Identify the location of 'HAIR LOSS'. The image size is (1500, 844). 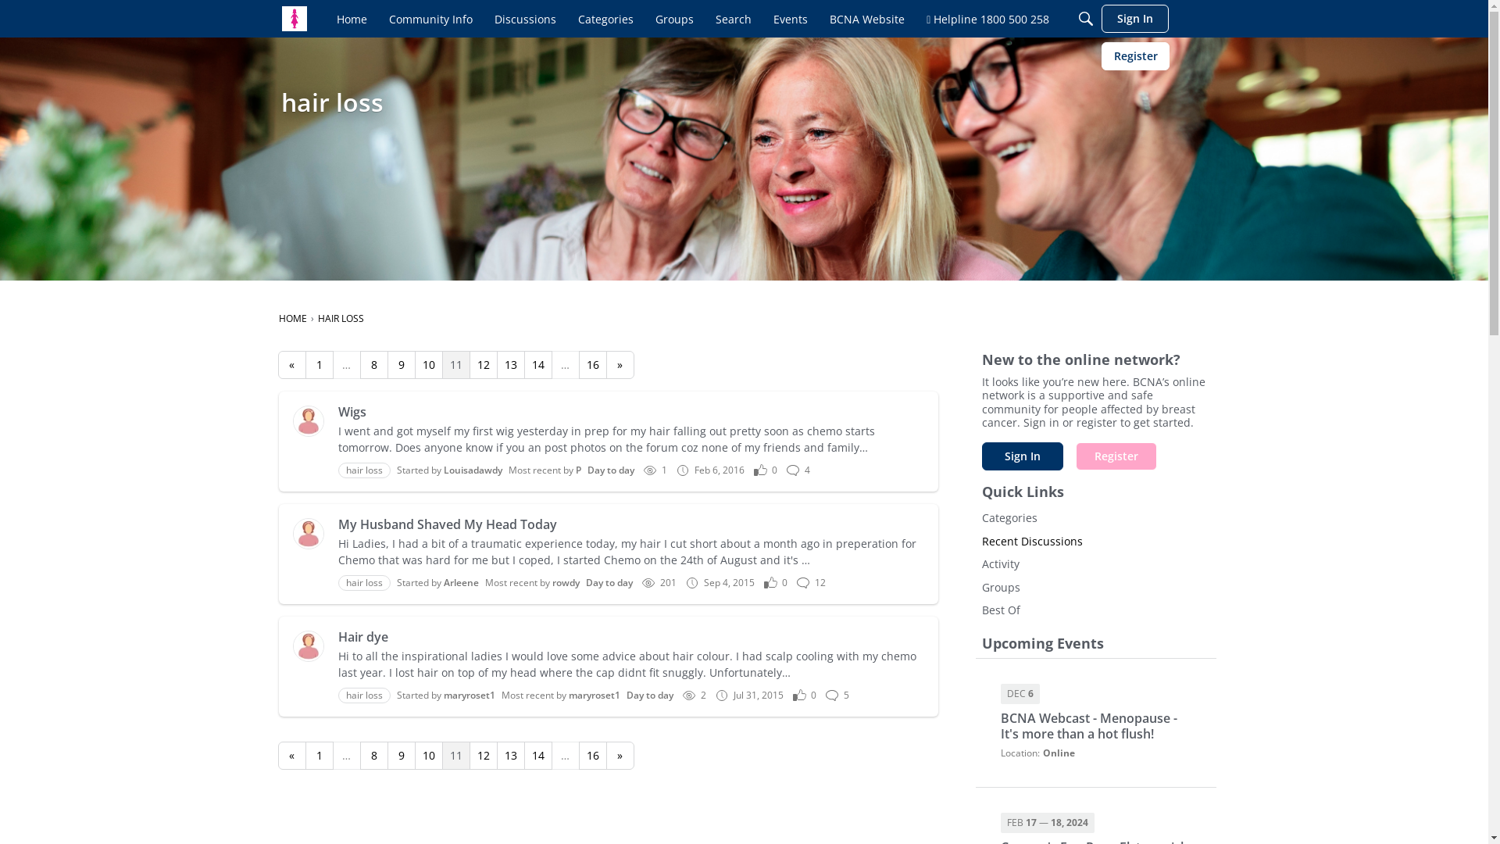
(340, 317).